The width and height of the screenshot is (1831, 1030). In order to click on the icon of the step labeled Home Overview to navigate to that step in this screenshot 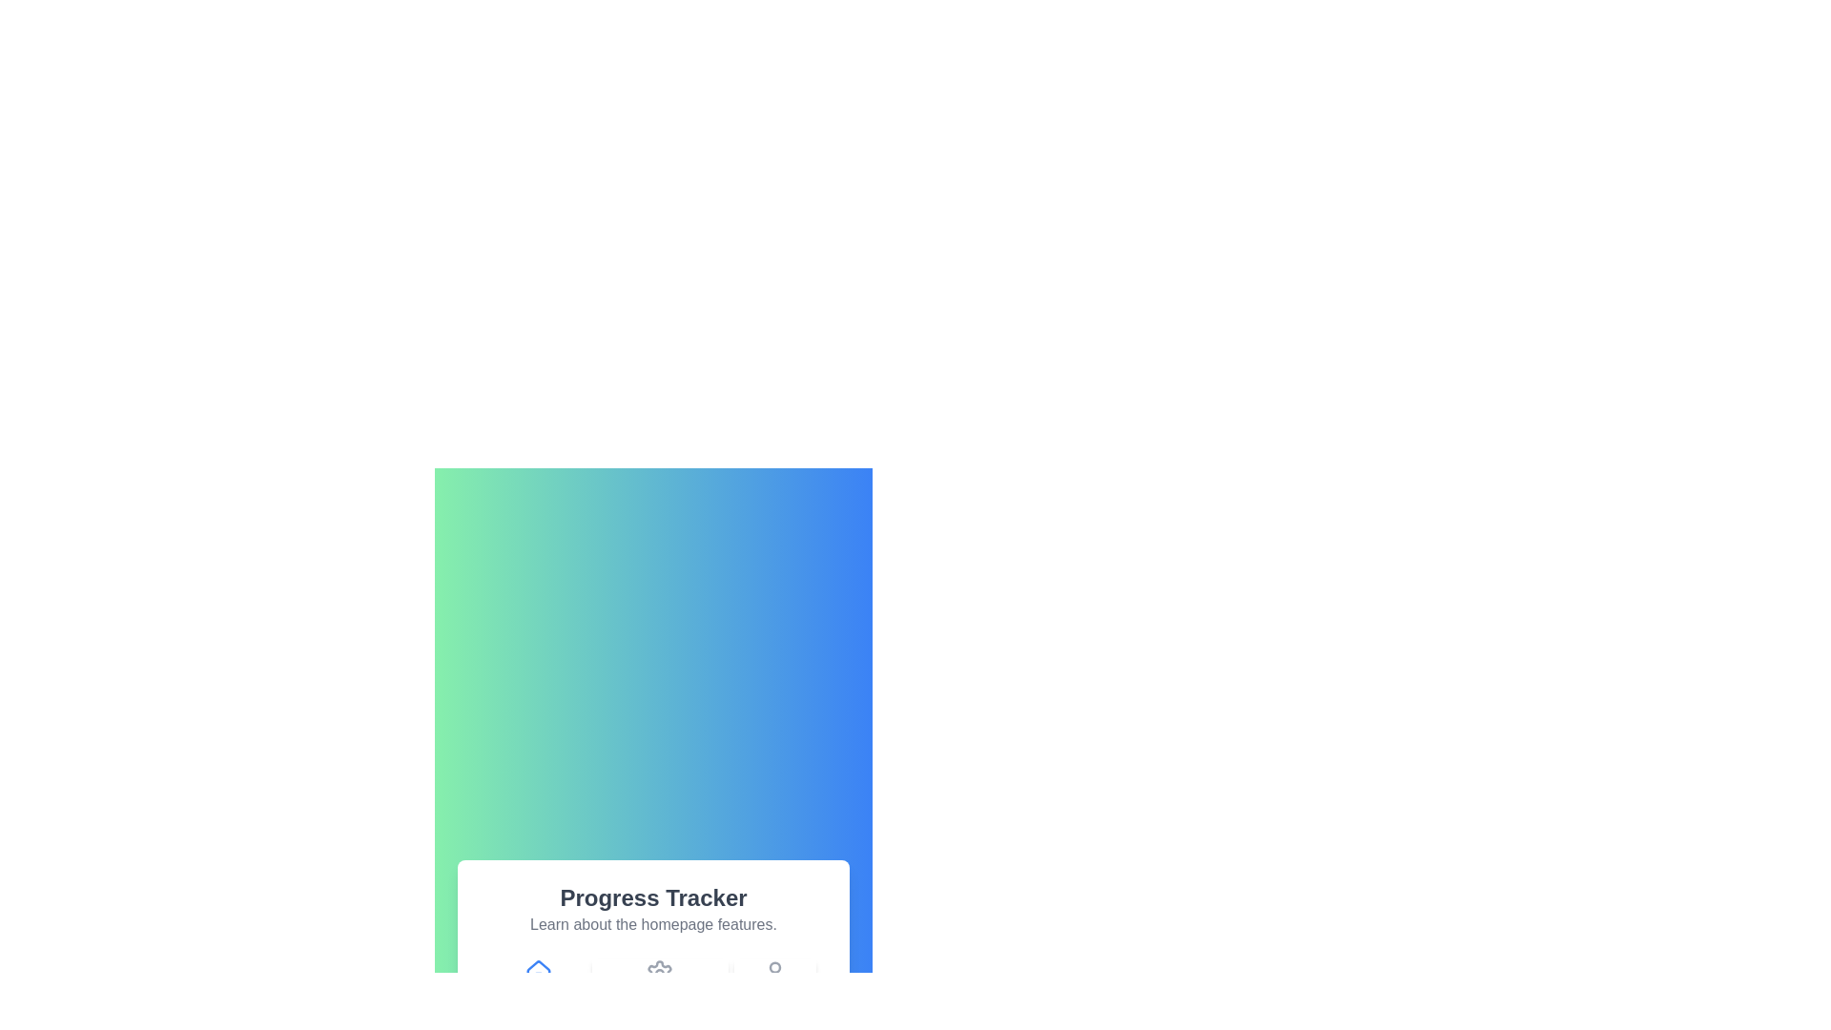, I will do `click(537, 986)`.